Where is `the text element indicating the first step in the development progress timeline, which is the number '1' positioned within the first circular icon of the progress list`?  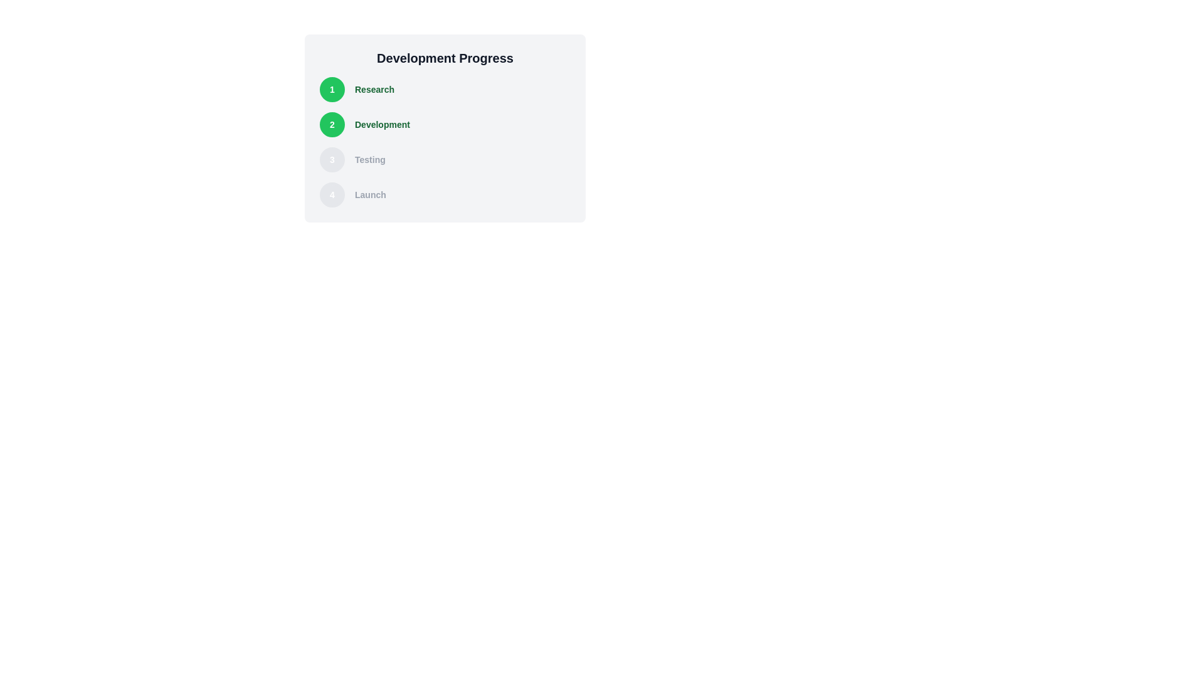
the text element indicating the first step in the development progress timeline, which is the number '1' positioned within the first circular icon of the progress list is located at coordinates (332, 88).